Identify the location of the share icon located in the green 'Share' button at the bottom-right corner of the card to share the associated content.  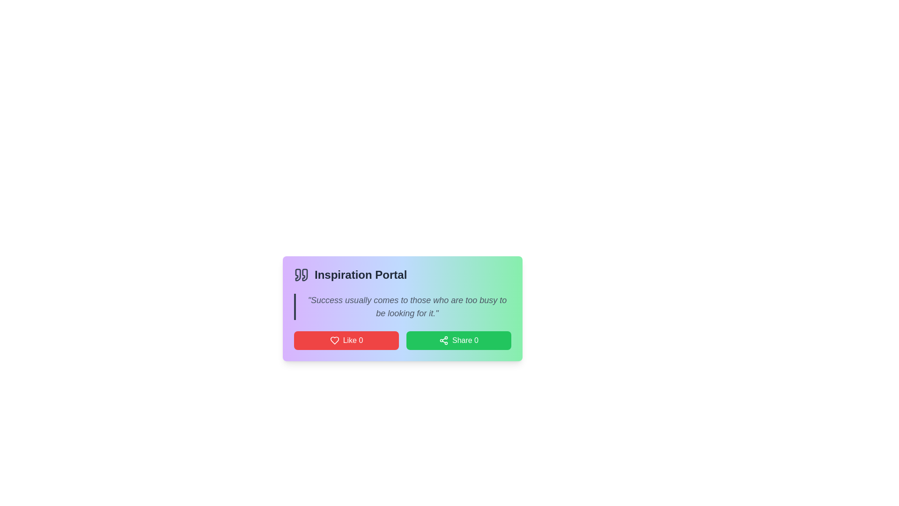
(443, 340).